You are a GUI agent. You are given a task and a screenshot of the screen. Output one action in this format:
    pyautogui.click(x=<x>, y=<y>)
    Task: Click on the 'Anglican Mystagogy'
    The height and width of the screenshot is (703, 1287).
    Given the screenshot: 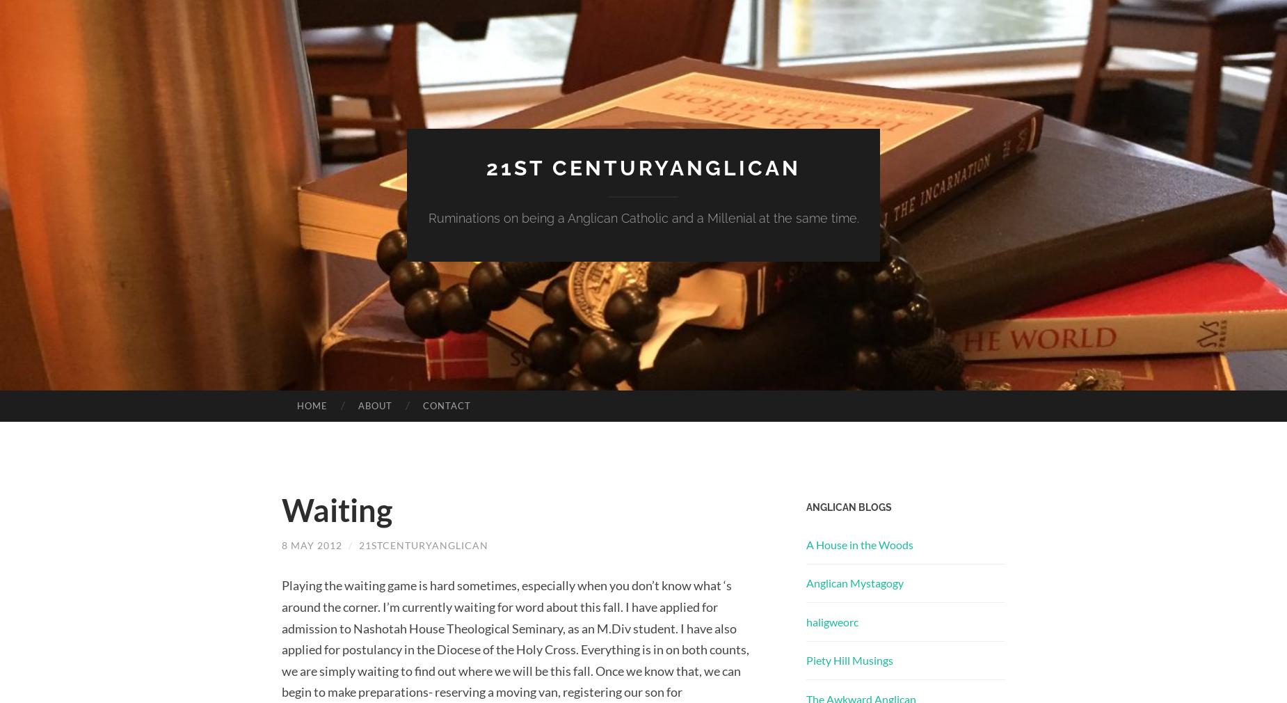 What is the action you would take?
    pyautogui.click(x=854, y=583)
    